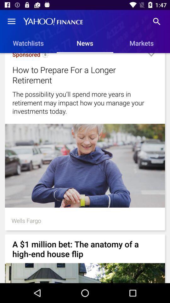 The width and height of the screenshot is (170, 303). Describe the element at coordinates (45, 56) in the screenshot. I see `icon next to sponsored icon` at that location.